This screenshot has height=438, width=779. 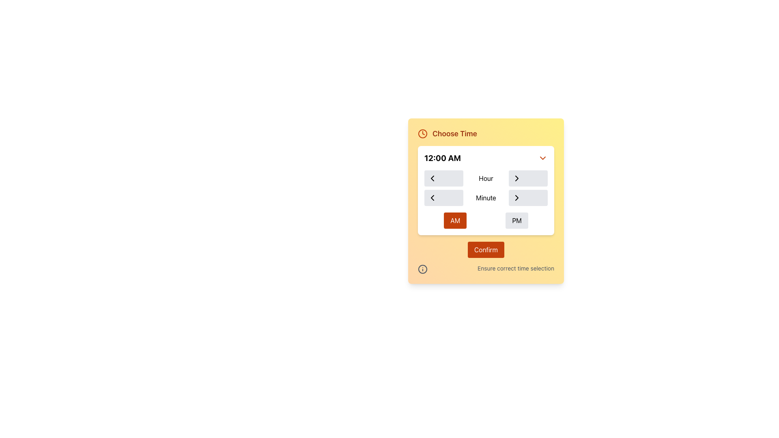 What do you see at coordinates (516, 178) in the screenshot?
I see `the Chevron Icon Button, which is a right-pointing chevron on a light-gray circular button, located in the 'Choose Time' panel next to the 'Hour' label, to increment the hour value` at bounding box center [516, 178].